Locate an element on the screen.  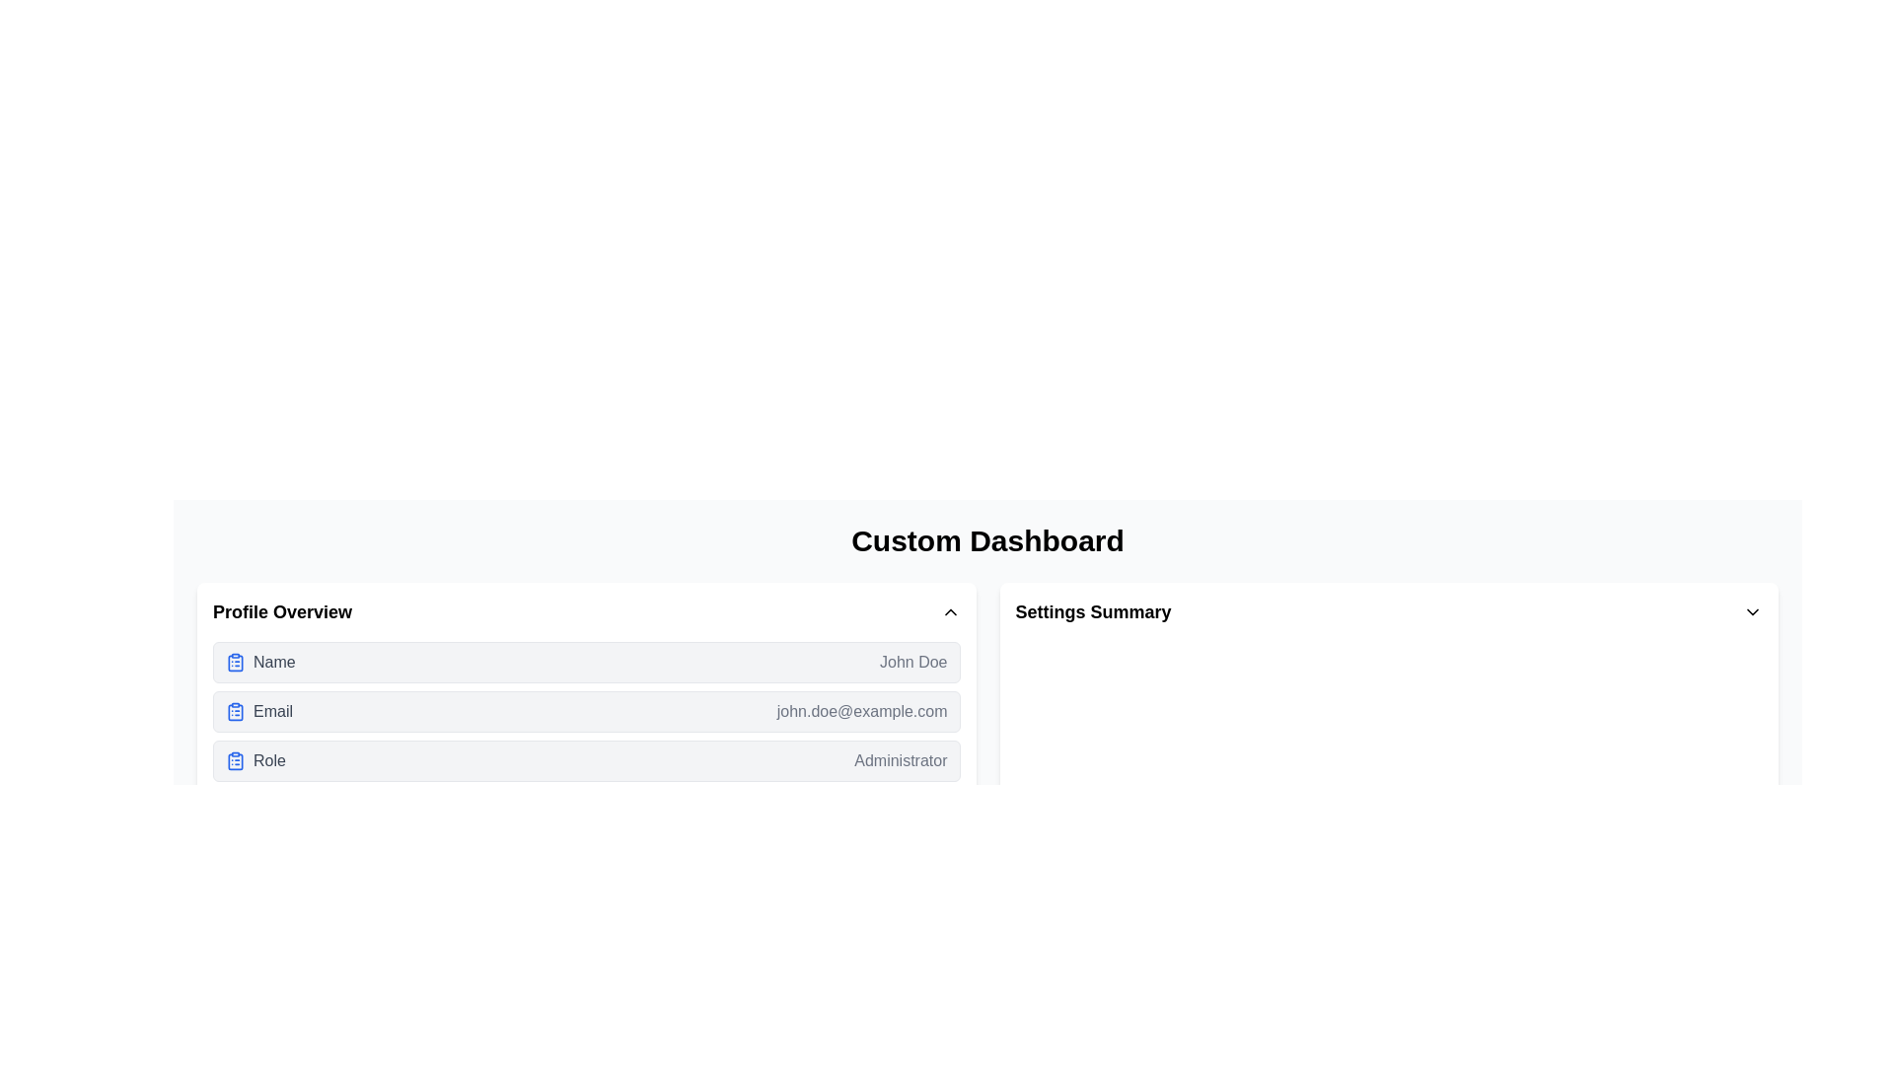
the 'Email' list item row in the user profile section for additional actions is located at coordinates (585, 711).